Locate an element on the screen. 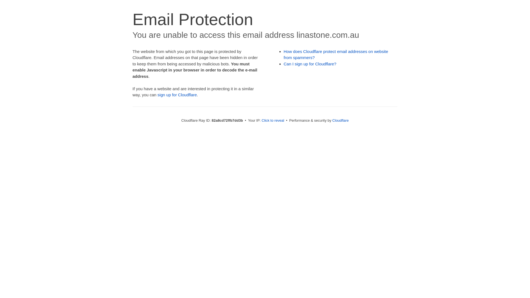  'Can I sign up for Cloudflare?' is located at coordinates (310, 63).